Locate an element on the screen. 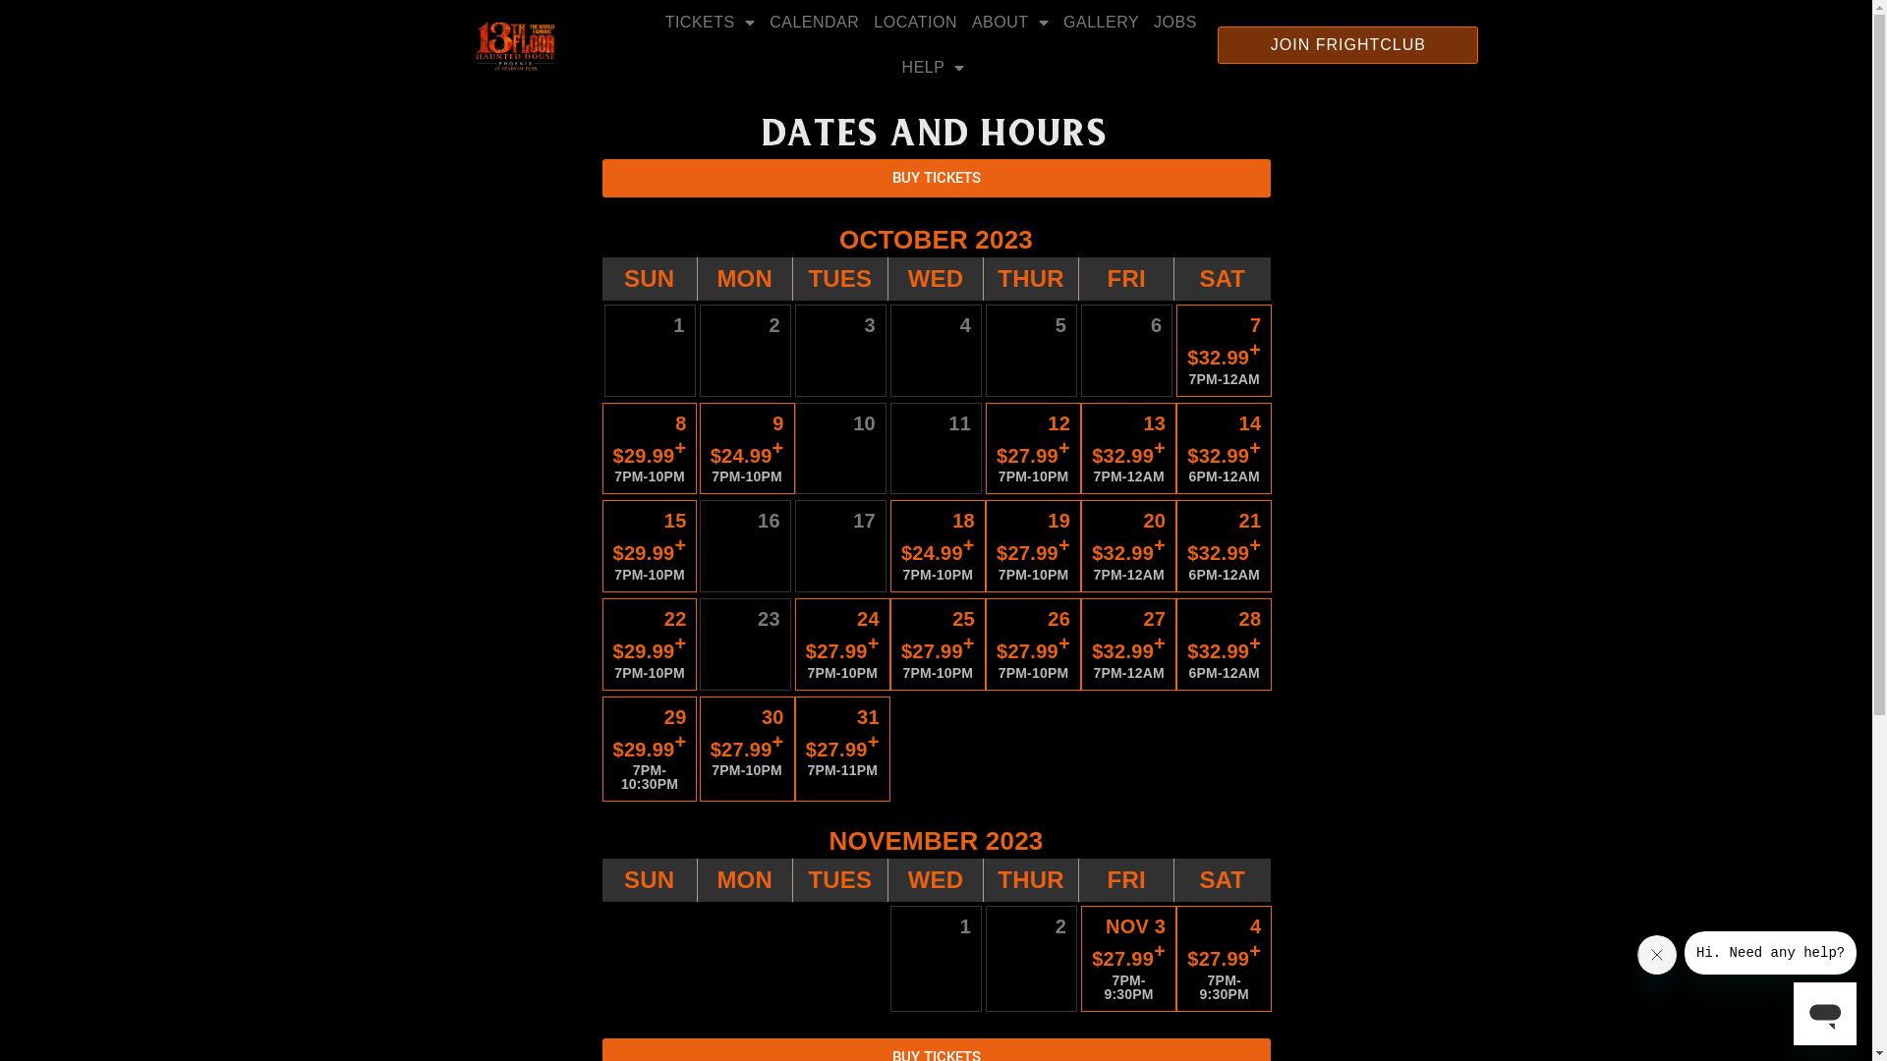 The image size is (1887, 1061). 'JOIN FRIGHTCLUB' is located at coordinates (1346, 44).